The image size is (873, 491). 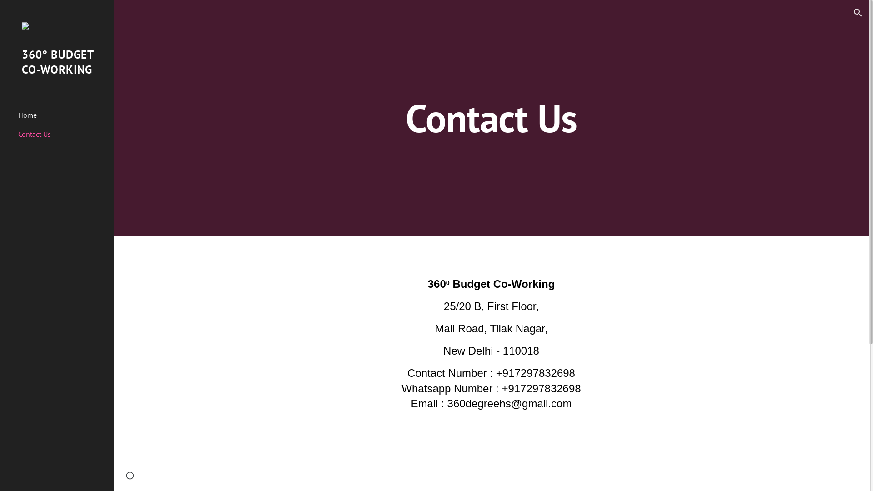 I want to click on 'Home', so click(x=16, y=115).